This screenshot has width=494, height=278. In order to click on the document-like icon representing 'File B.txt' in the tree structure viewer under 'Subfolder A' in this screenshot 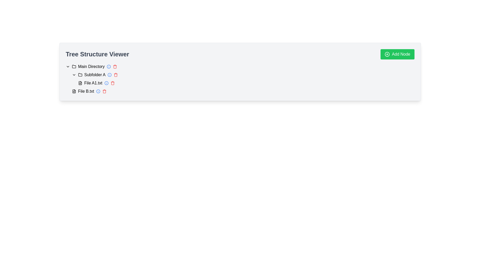, I will do `click(74, 91)`.